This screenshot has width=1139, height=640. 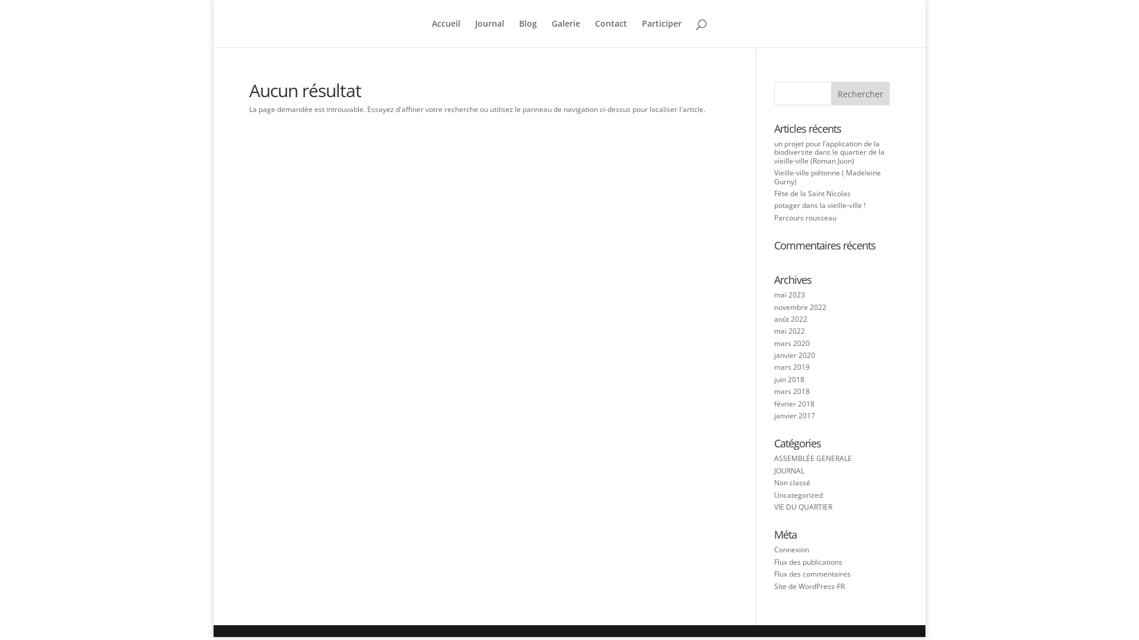 What do you see at coordinates (805, 217) in the screenshot?
I see `'Parcours rousseau'` at bounding box center [805, 217].